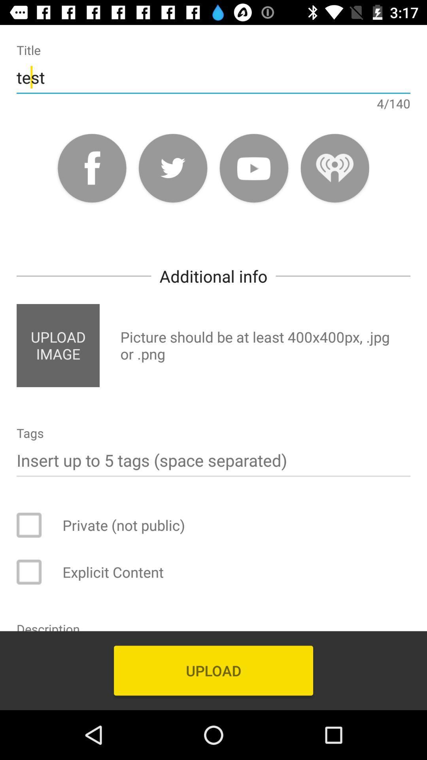 The width and height of the screenshot is (427, 760). What do you see at coordinates (57, 346) in the screenshot?
I see `item on the left` at bounding box center [57, 346].